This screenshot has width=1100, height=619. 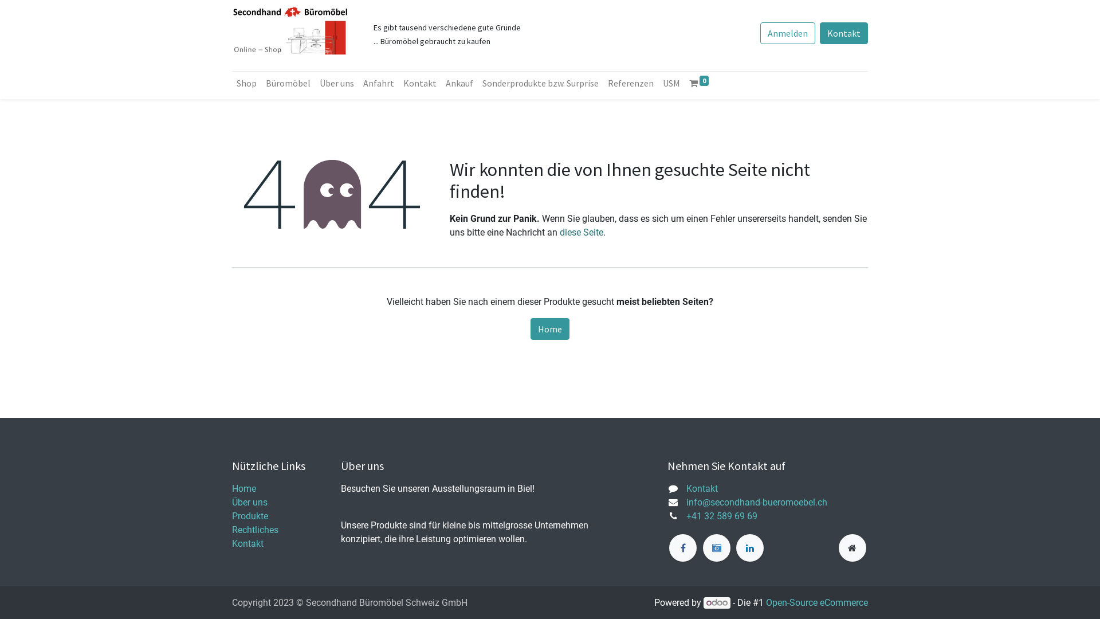 What do you see at coordinates (819, 32) in the screenshot?
I see `'Kontakt'` at bounding box center [819, 32].